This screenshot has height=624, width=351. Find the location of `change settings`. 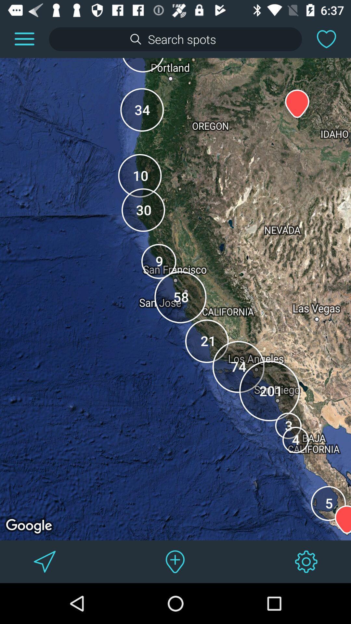

change settings is located at coordinates (306, 561).